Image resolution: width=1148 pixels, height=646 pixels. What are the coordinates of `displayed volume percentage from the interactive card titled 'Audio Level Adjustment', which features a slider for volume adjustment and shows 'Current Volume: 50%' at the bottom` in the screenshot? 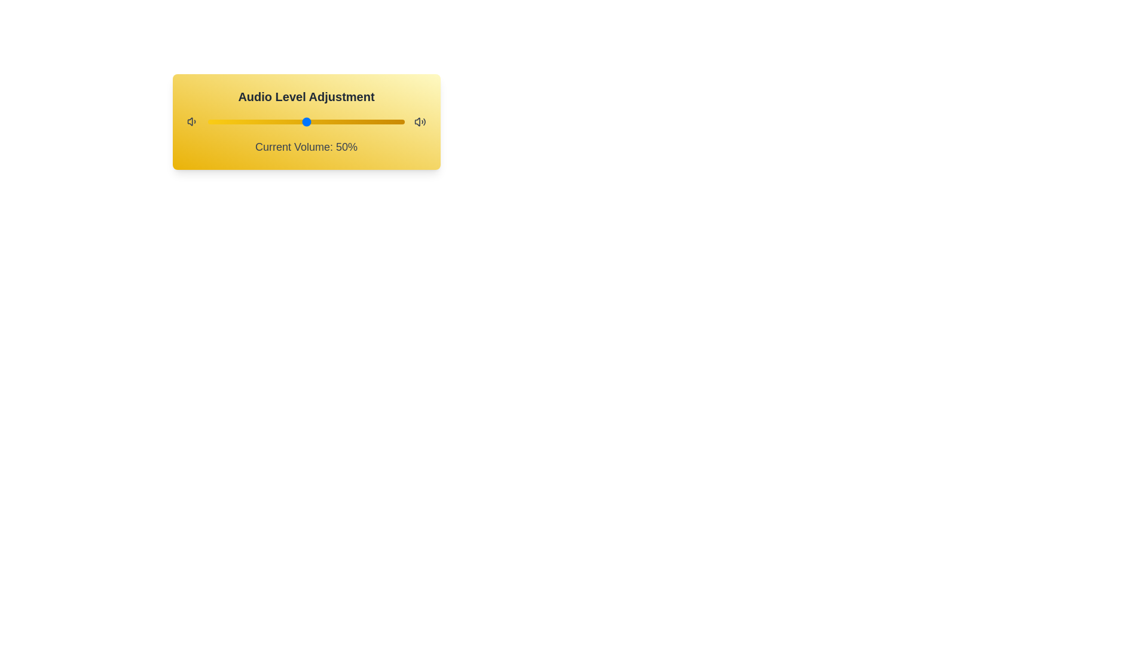 It's located at (306, 122).